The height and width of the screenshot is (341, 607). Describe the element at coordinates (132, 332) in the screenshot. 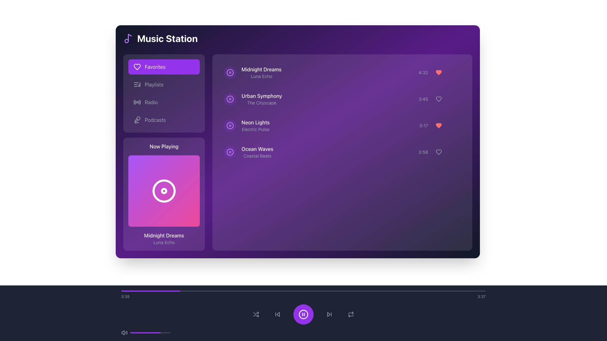

I see `the slider value` at that location.